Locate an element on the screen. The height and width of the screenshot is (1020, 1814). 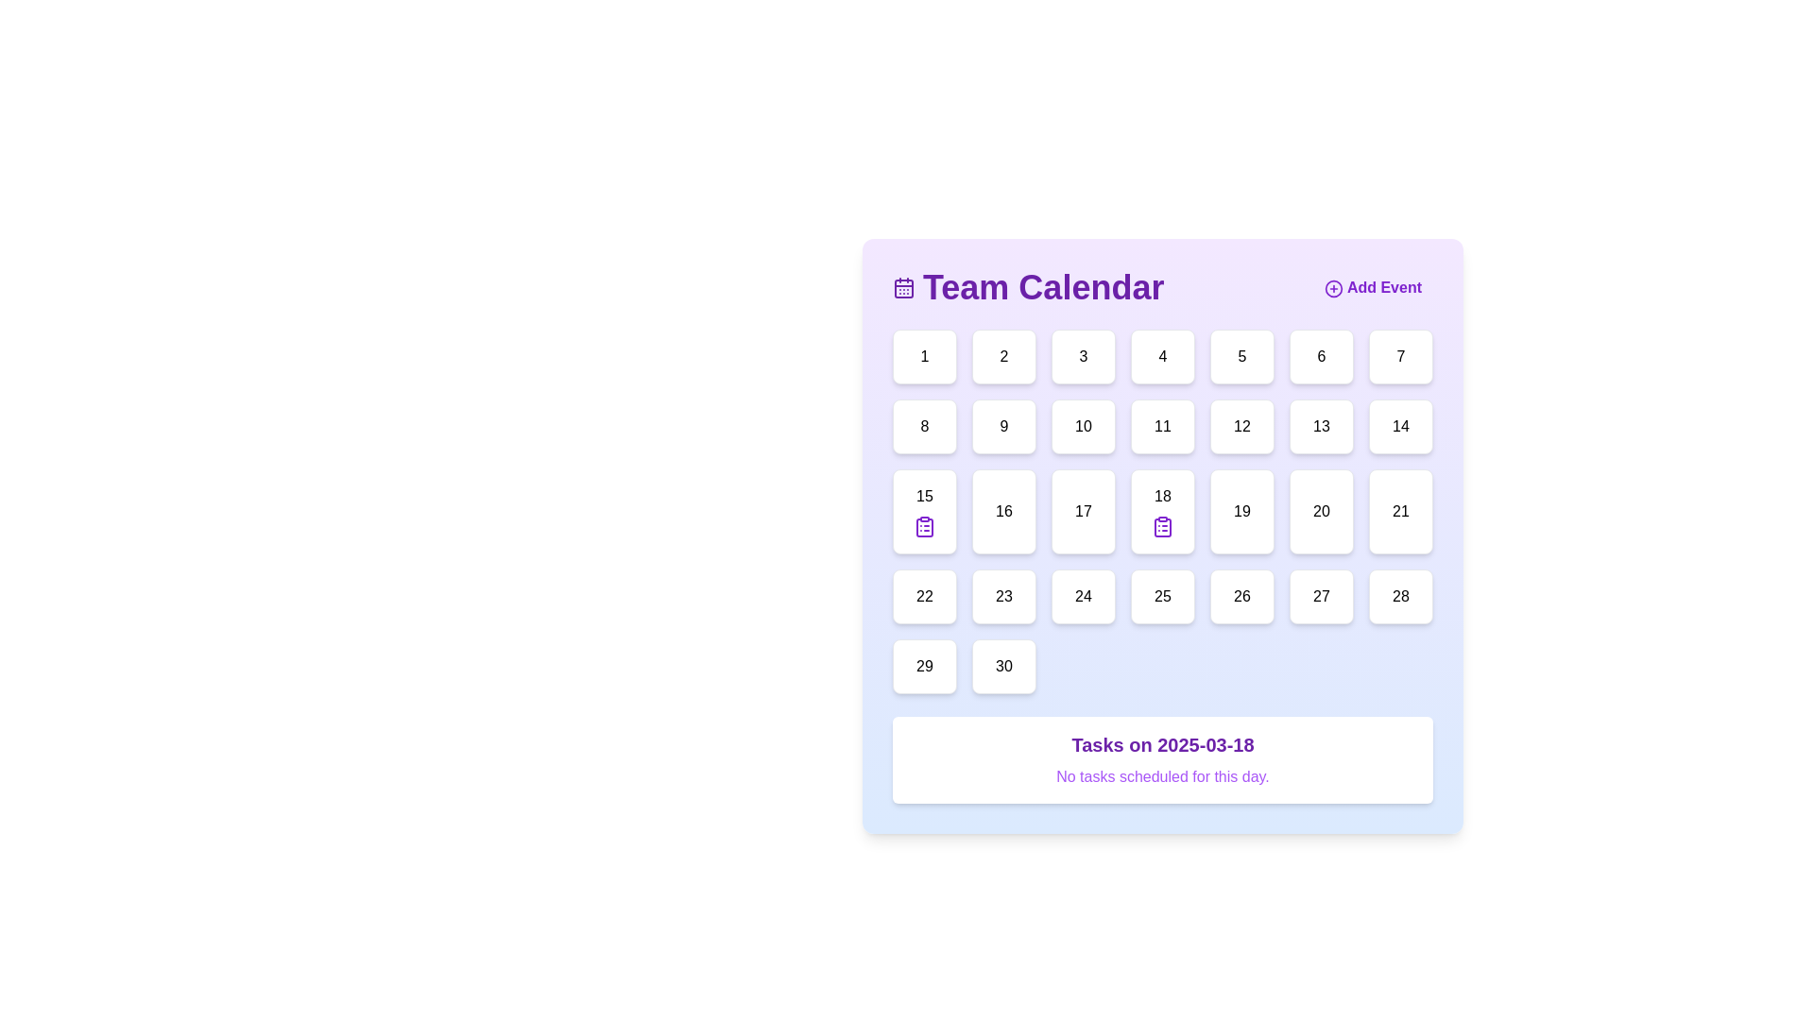
the Calendar date tile (button) displaying the number '28' is located at coordinates (1401, 597).